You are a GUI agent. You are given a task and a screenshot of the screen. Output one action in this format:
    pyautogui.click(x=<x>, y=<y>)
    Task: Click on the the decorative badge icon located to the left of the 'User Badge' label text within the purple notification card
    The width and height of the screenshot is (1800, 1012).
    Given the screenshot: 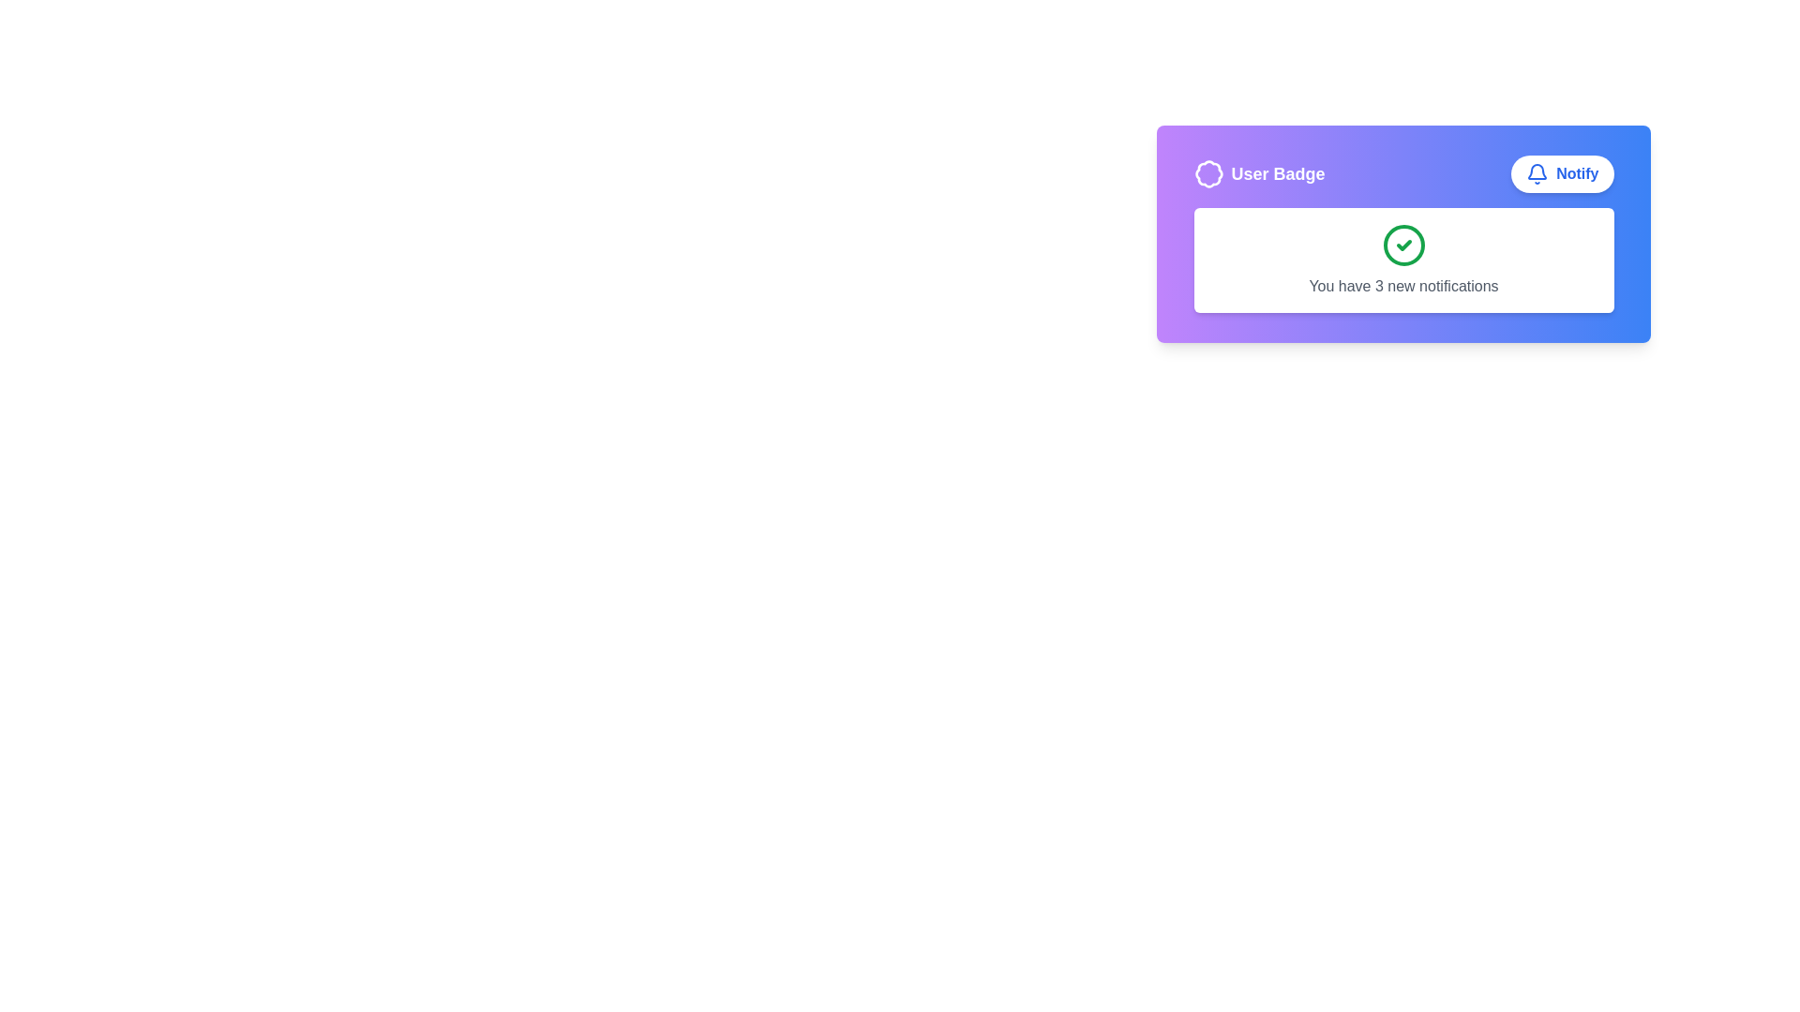 What is the action you would take?
    pyautogui.click(x=1208, y=173)
    